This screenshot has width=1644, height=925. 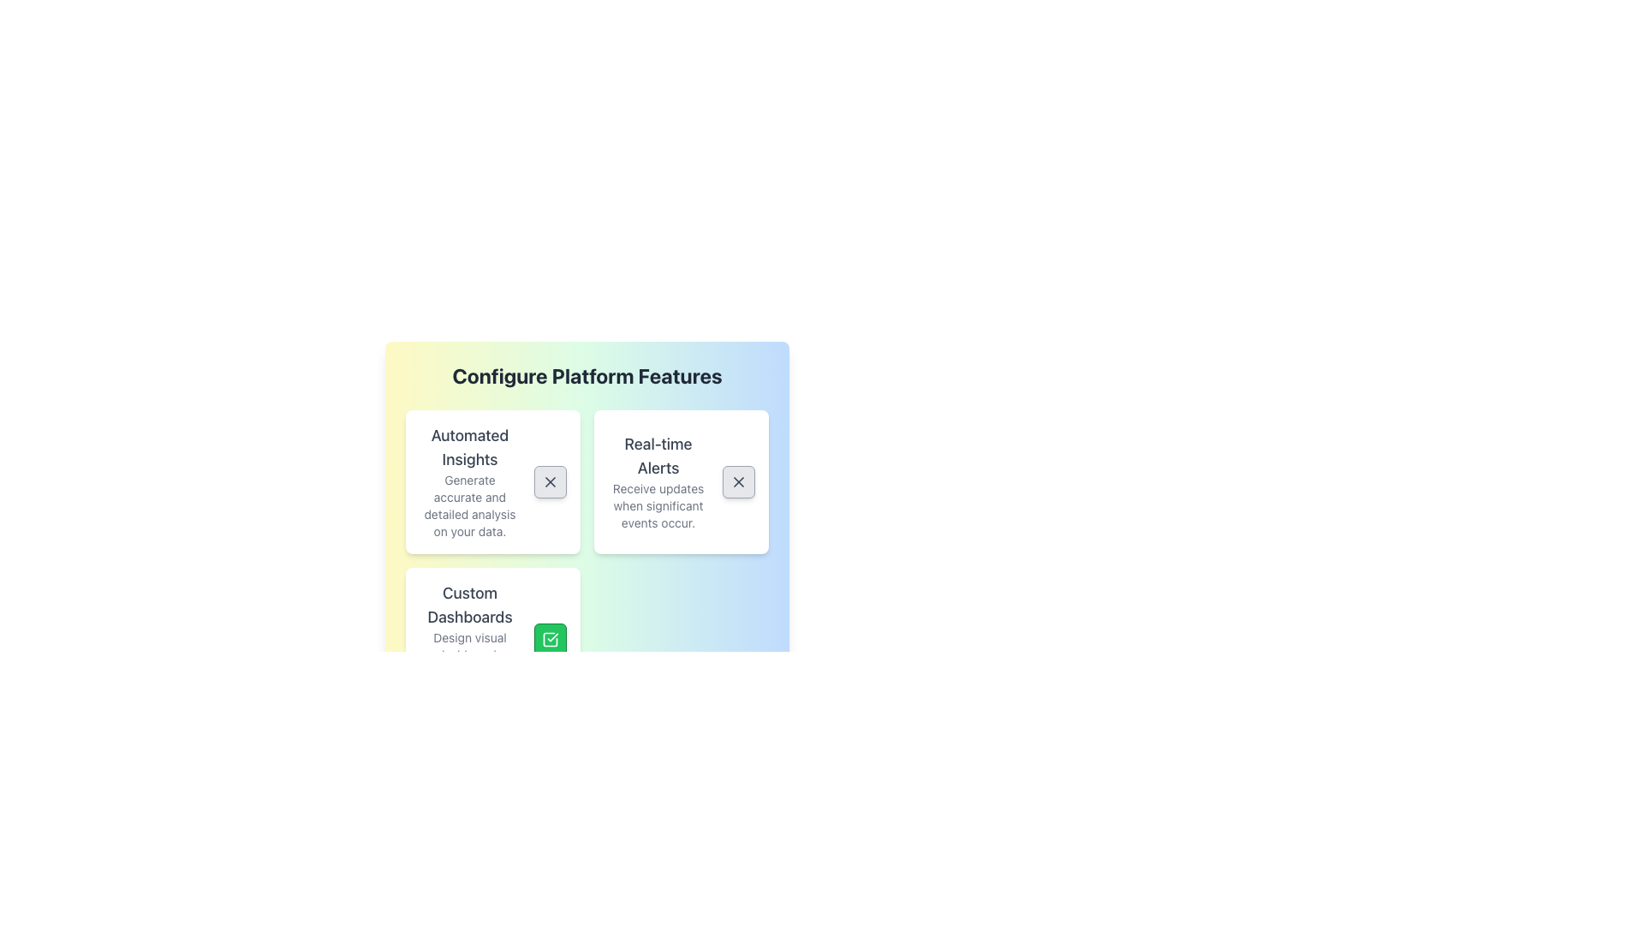 What do you see at coordinates (469, 504) in the screenshot?
I see `the text label that contains the content 'Generate accurate and detailed analysis on your data.' which is styled in a small font size and gray color, located under the heading 'Automated Insights'` at bounding box center [469, 504].